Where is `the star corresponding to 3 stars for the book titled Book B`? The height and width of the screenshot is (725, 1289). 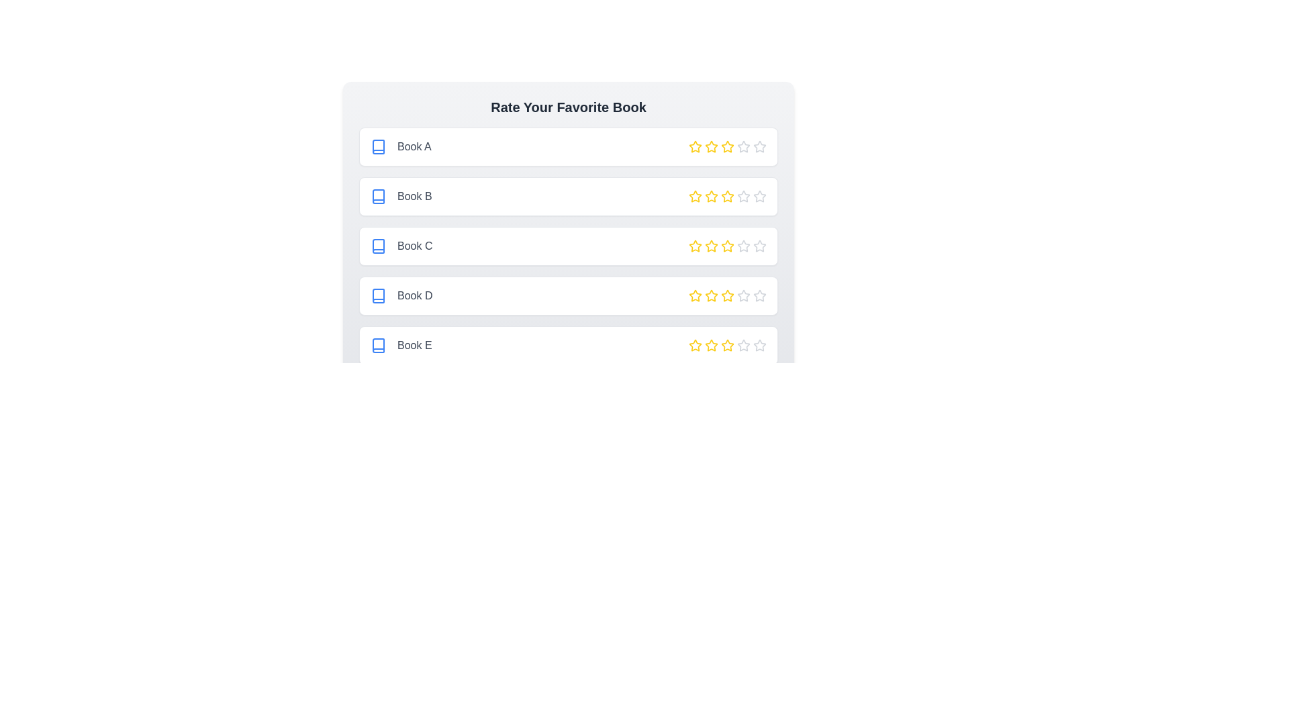
the star corresponding to 3 stars for the book titled Book B is located at coordinates (727, 197).